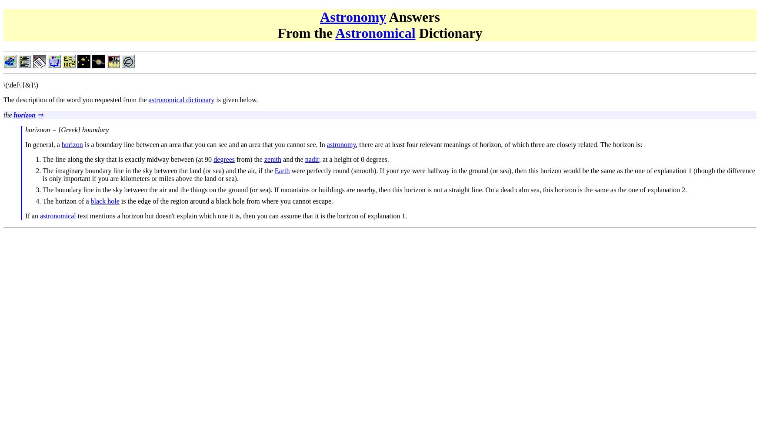 This screenshot has height=435, width=760. I want to click on 'The horizon of a', so click(66, 200).